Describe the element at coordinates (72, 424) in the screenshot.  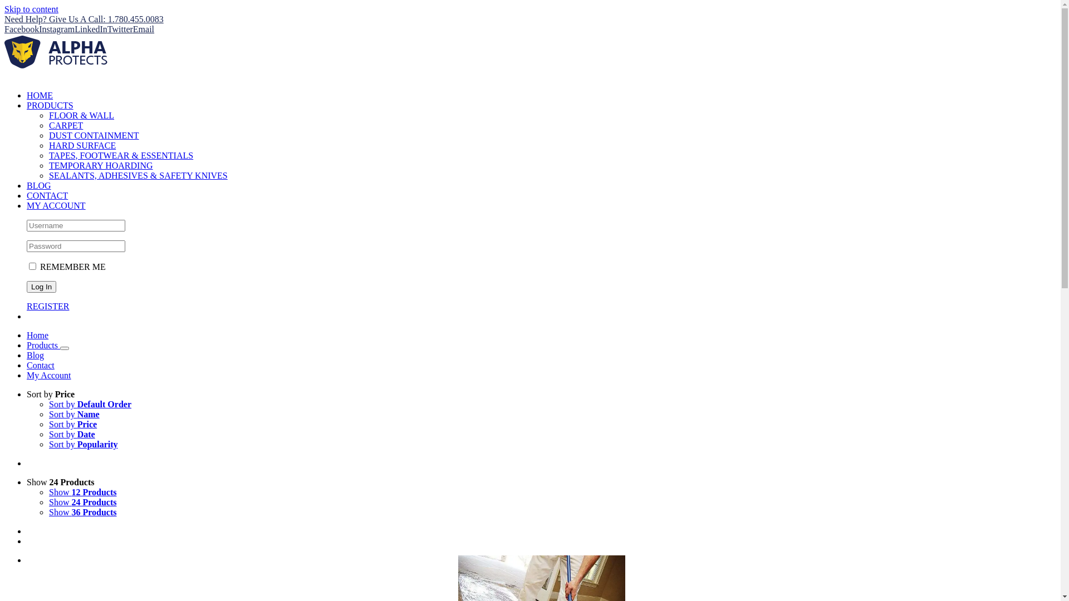
I see `'Sort by Price'` at that location.